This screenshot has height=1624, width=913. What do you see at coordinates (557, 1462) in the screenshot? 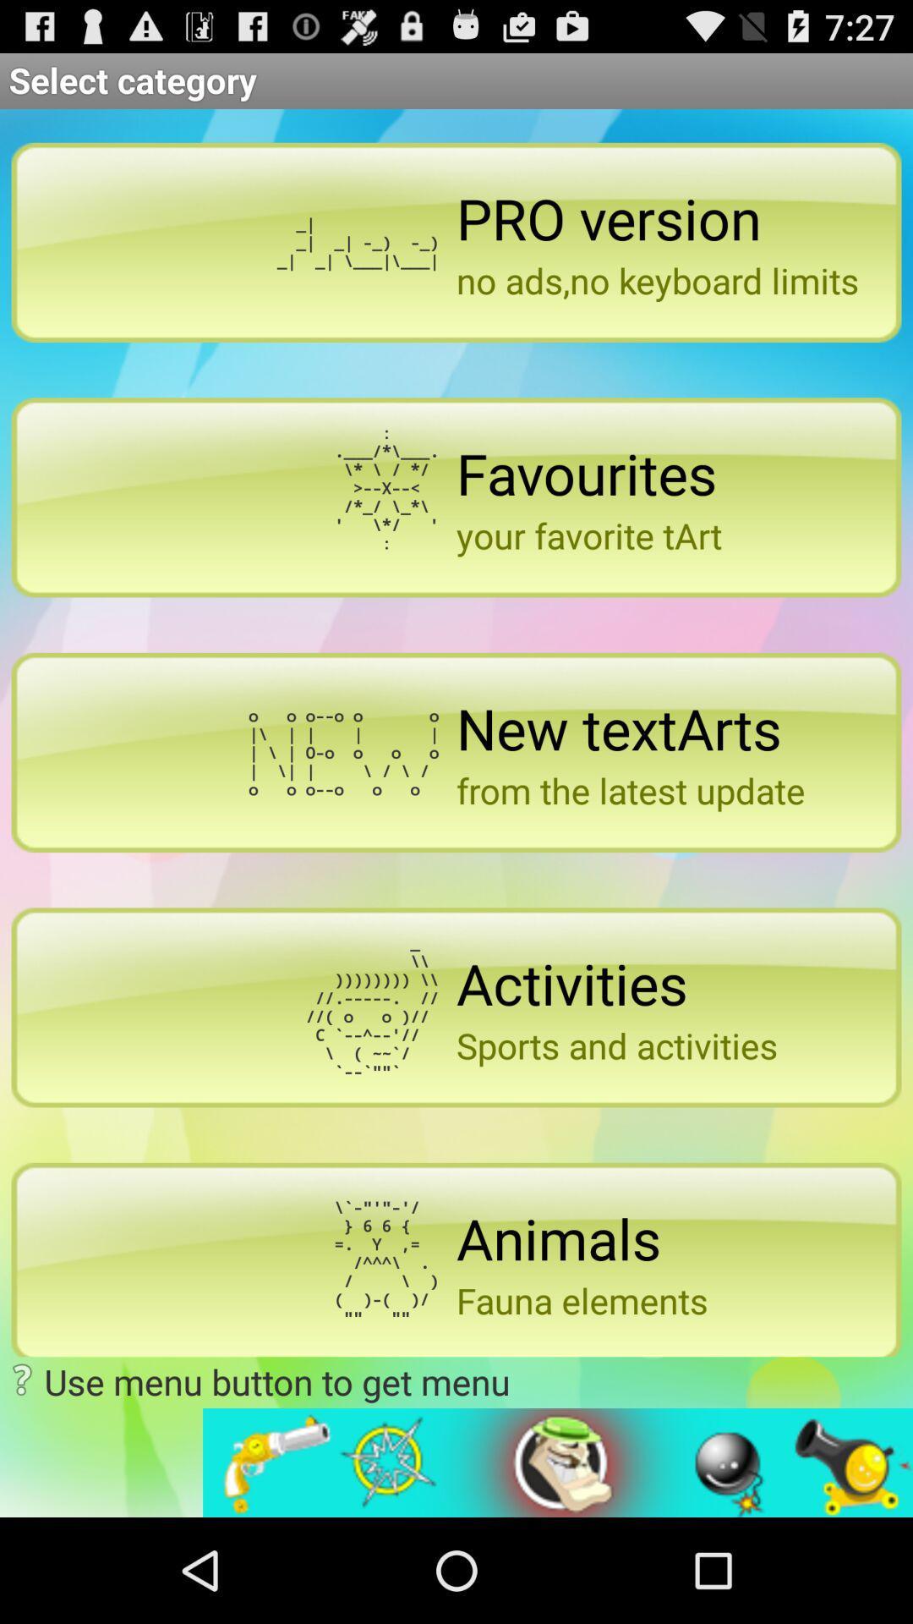
I see `menu` at bounding box center [557, 1462].